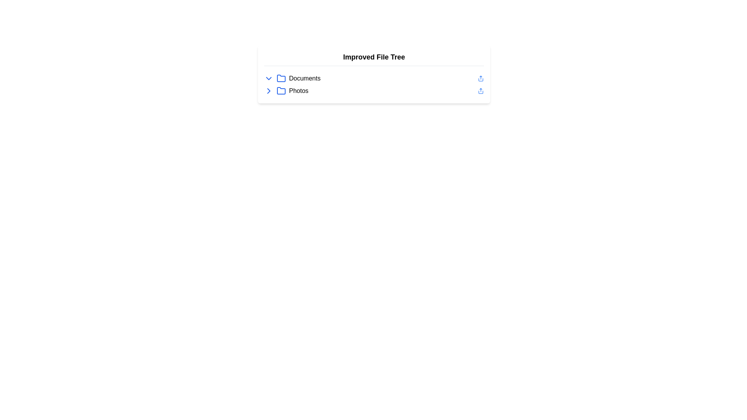 Image resolution: width=747 pixels, height=420 pixels. Describe the element at coordinates (275, 78) in the screenshot. I see `the folder icon` at that location.